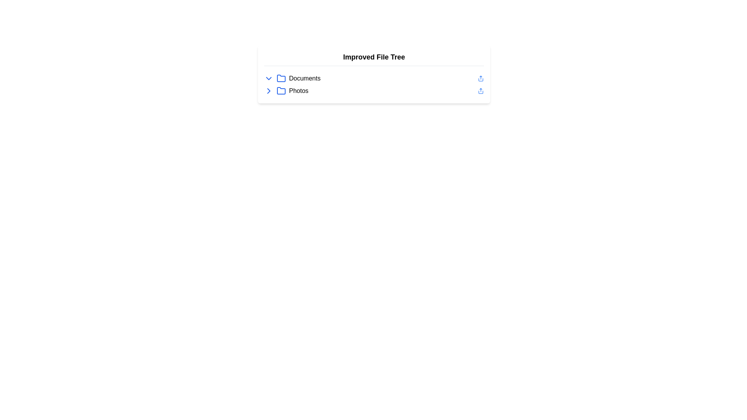 Image resolution: width=747 pixels, height=420 pixels. Describe the element at coordinates (275, 78) in the screenshot. I see `the folder icon` at that location.